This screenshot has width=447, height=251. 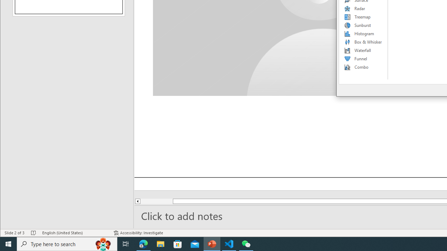 I want to click on 'Microsoft Edge - 1 running window', so click(x=143, y=243).